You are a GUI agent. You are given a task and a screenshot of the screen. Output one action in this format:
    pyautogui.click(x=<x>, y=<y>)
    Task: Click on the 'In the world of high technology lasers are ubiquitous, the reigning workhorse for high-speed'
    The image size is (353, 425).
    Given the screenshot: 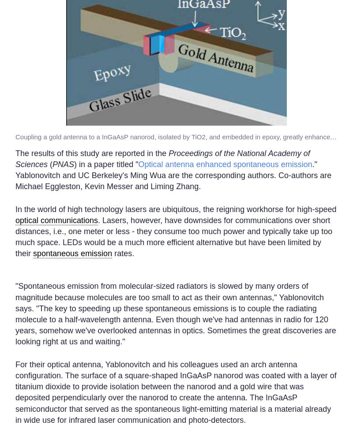 What is the action you would take?
    pyautogui.click(x=15, y=209)
    